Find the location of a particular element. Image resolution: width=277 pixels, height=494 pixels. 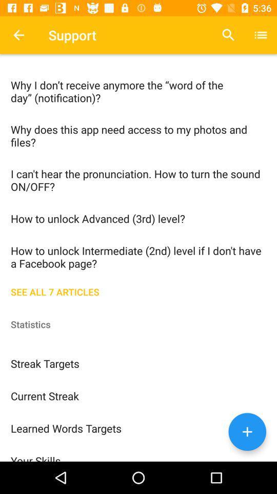

item below current streak icon is located at coordinates (138, 428).